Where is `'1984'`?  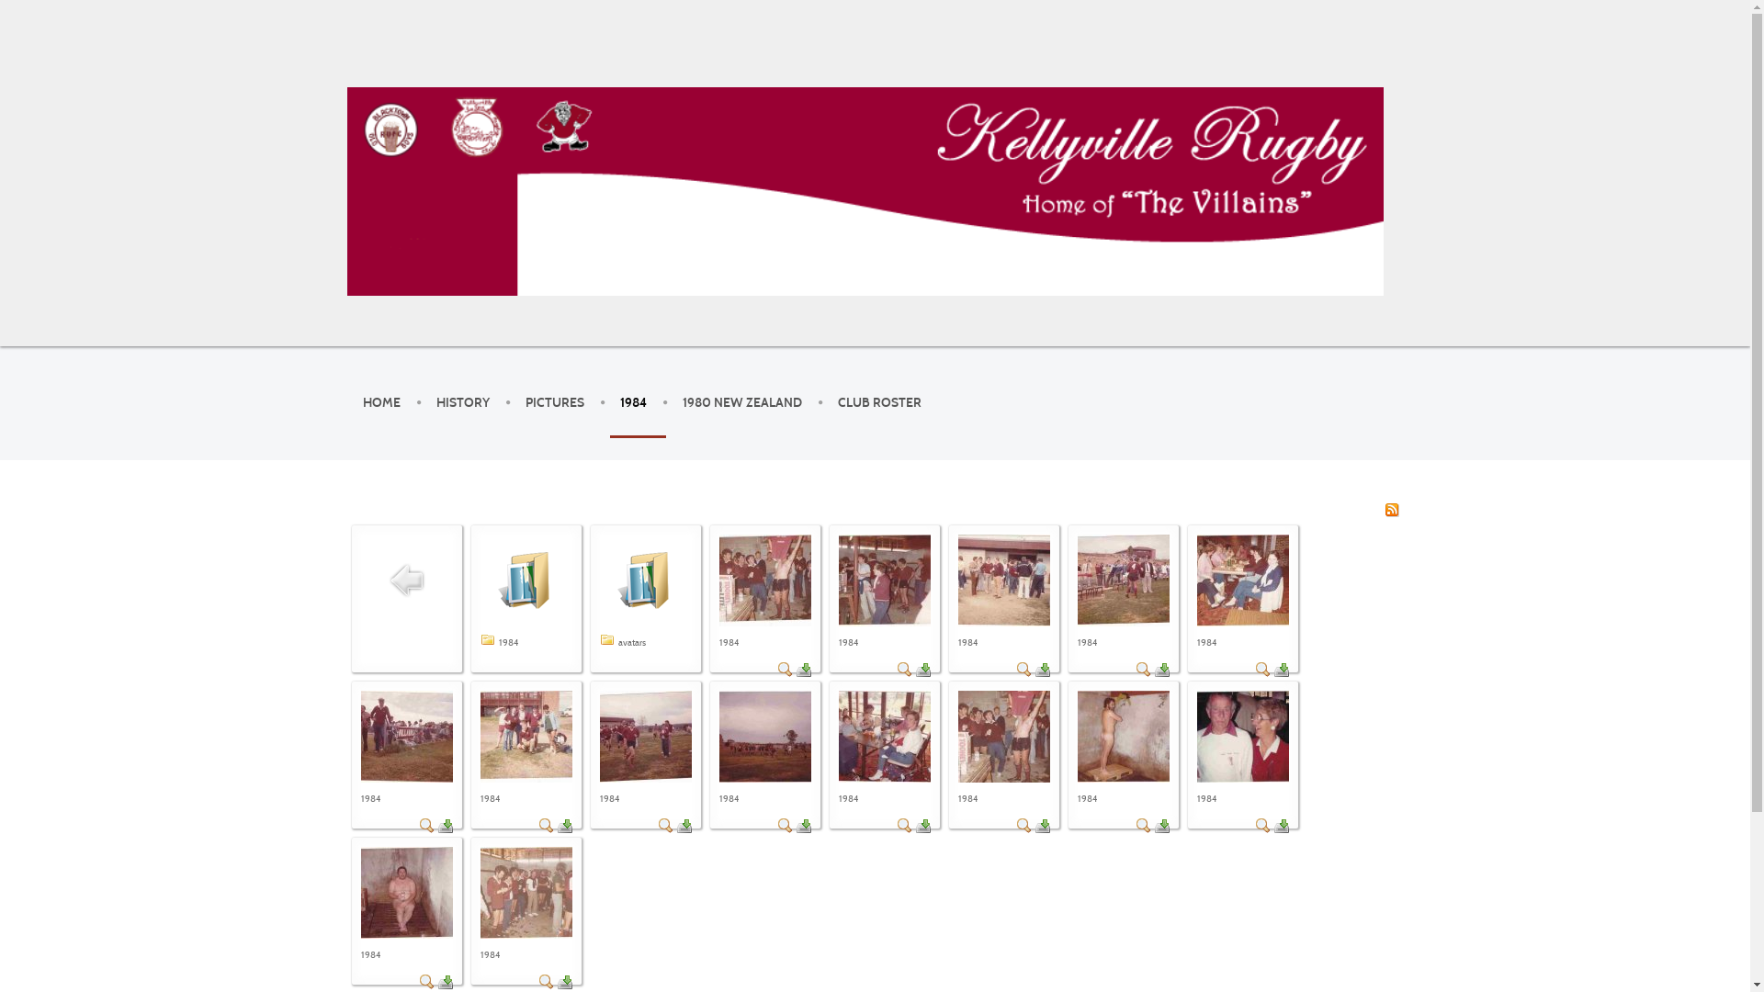
'1984' is located at coordinates (632, 402).